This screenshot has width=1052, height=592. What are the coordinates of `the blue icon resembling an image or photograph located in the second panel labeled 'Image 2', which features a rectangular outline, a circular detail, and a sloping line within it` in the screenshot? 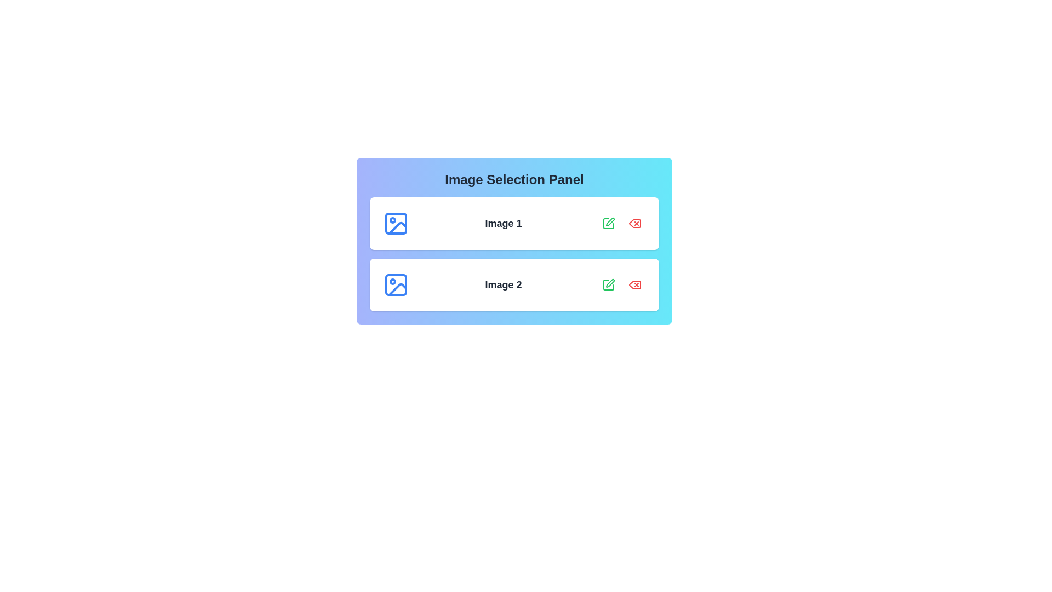 It's located at (396, 284).